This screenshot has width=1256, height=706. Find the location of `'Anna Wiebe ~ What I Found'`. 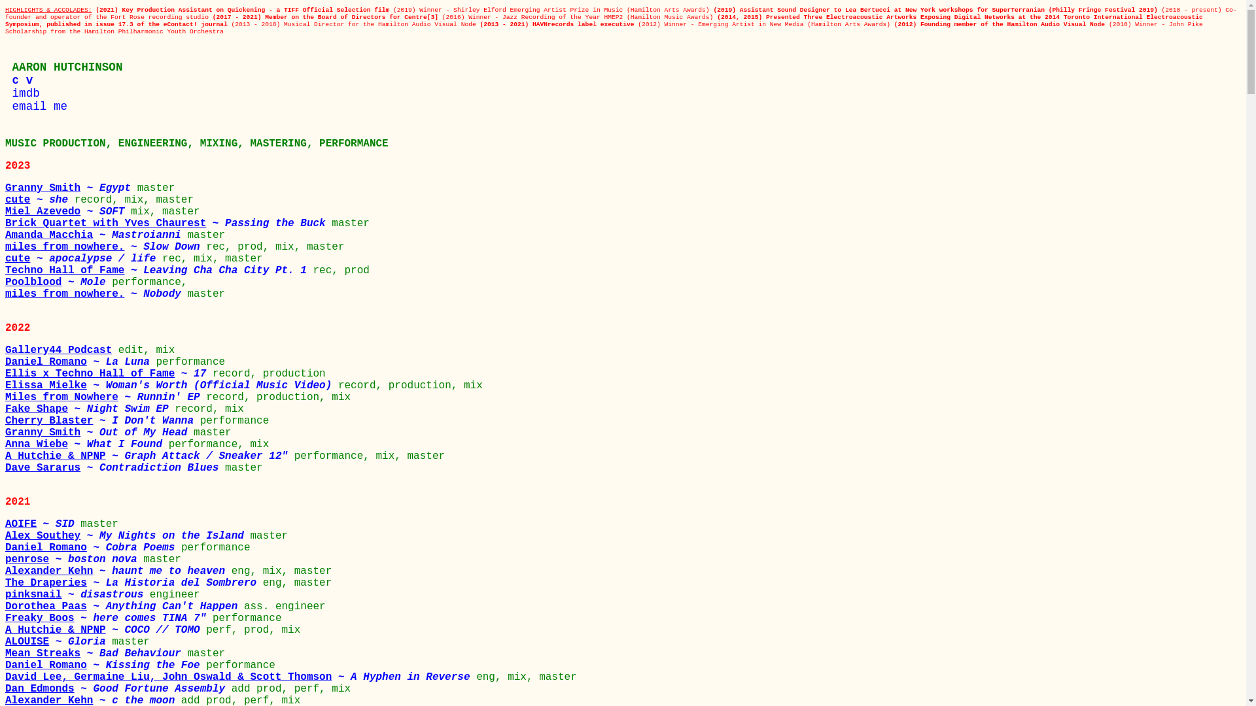

'Anna Wiebe ~ What I Found' is located at coordinates (86, 443).